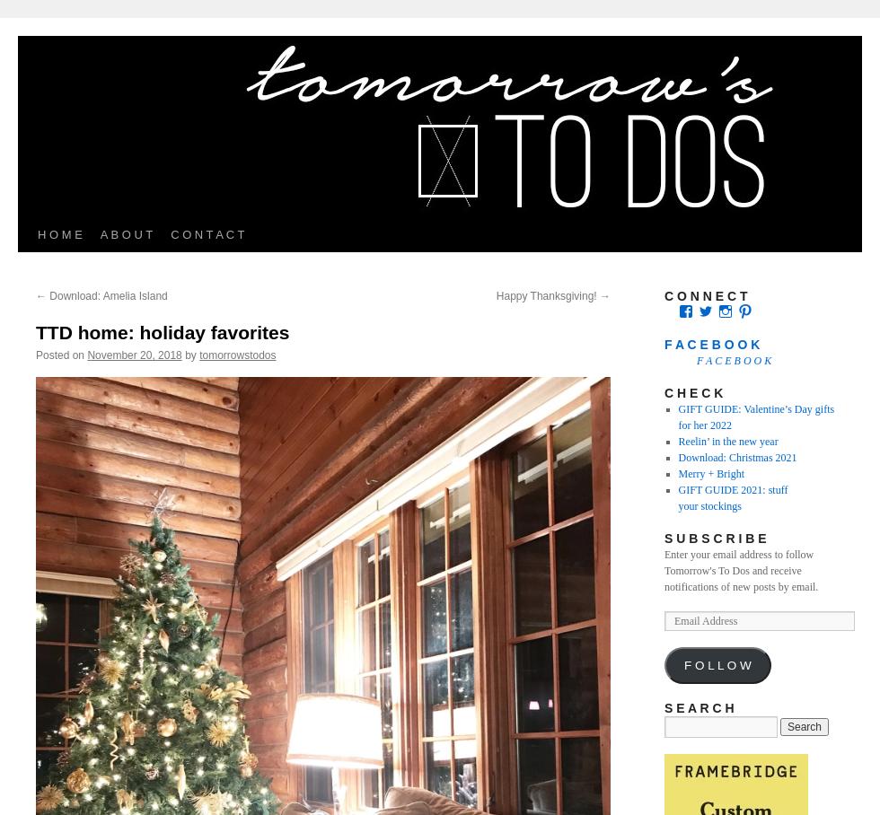 Image resolution: width=880 pixels, height=815 pixels. What do you see at coordinates (715, 539) in the screenshot?
I see `'S U B S C R I B E'` at bounding box center [715, 539].